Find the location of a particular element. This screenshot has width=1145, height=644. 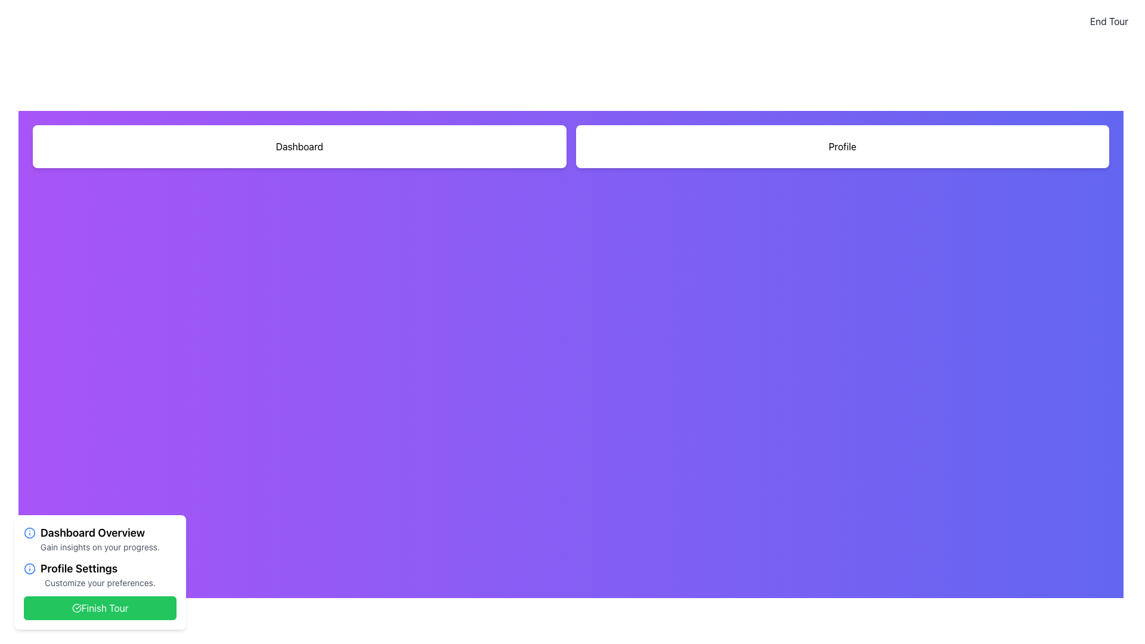

the Text block that indicates a navigational option for profile settings, using the information presented is located at coordinates (100, 574).